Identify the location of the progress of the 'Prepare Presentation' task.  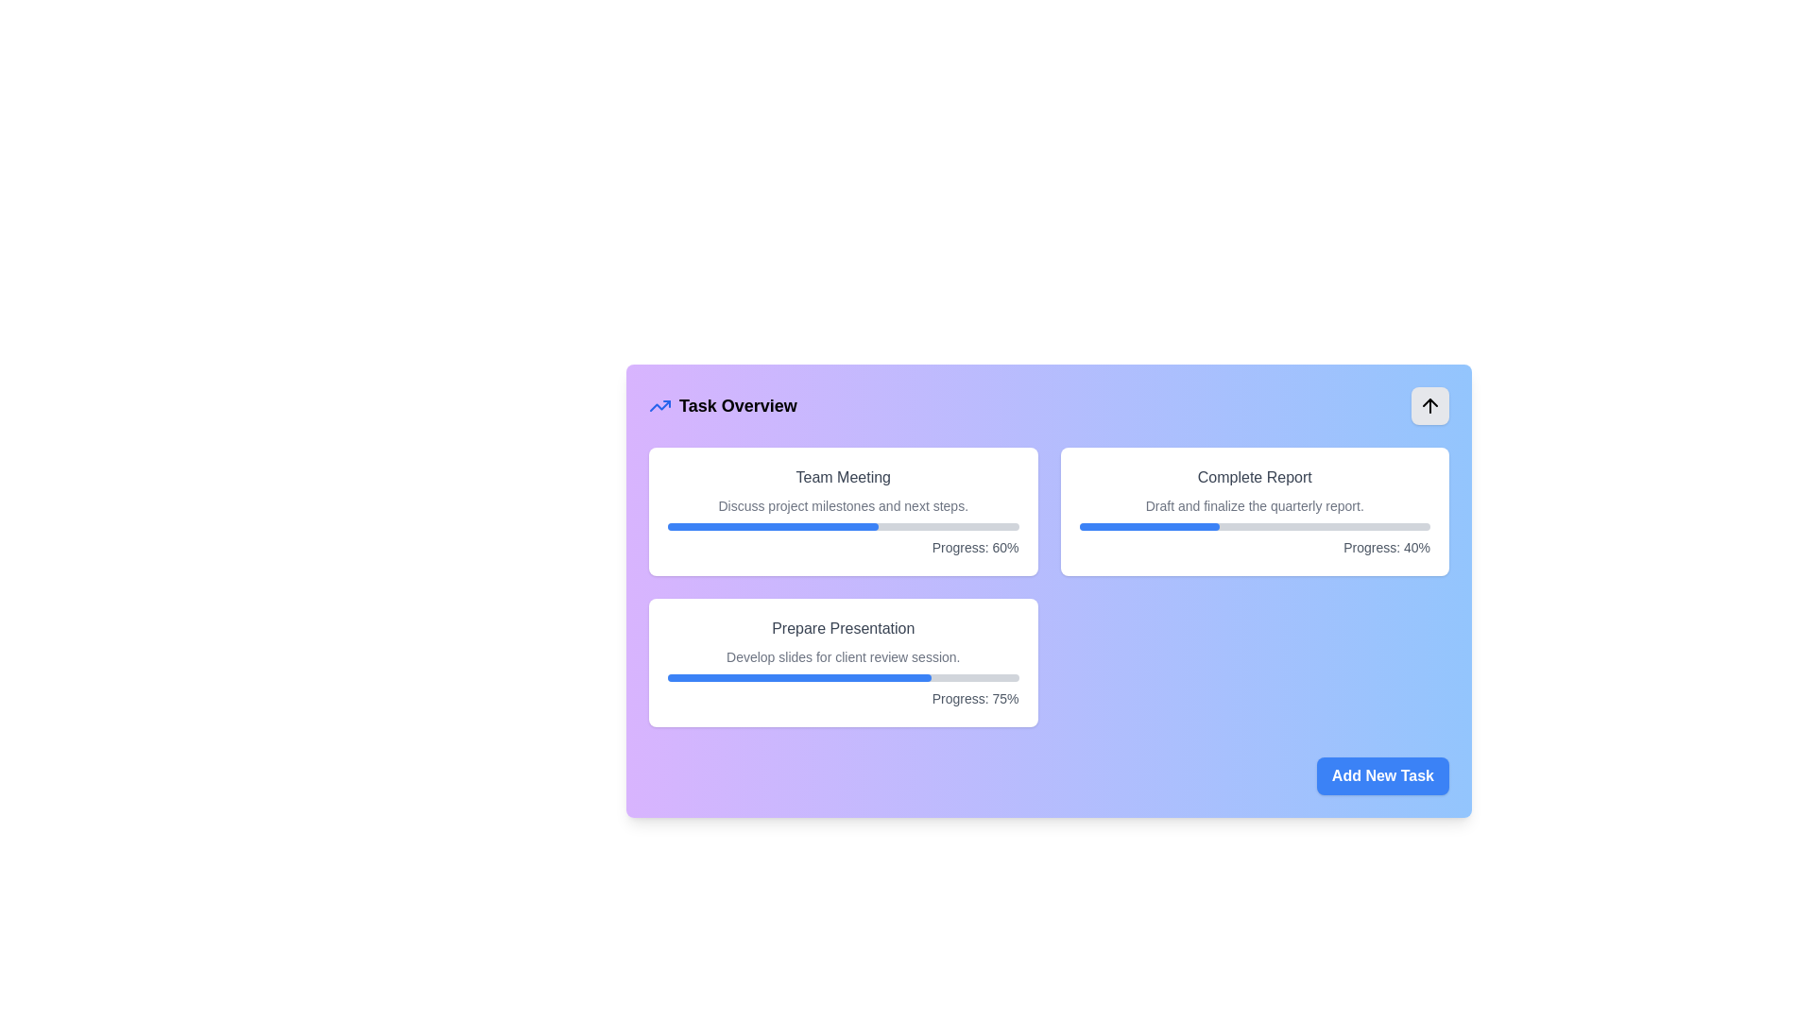
(729, 676).